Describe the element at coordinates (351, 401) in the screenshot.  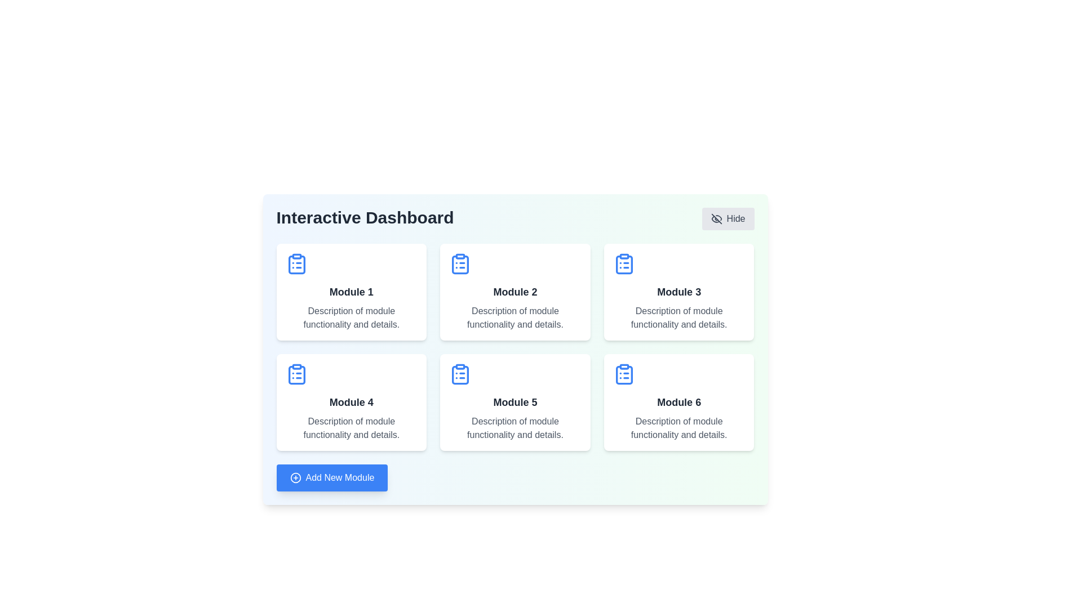
I see `the 'Module 4' Card component, which is located in the second row, first column of a 3-column grid layout` at that location.